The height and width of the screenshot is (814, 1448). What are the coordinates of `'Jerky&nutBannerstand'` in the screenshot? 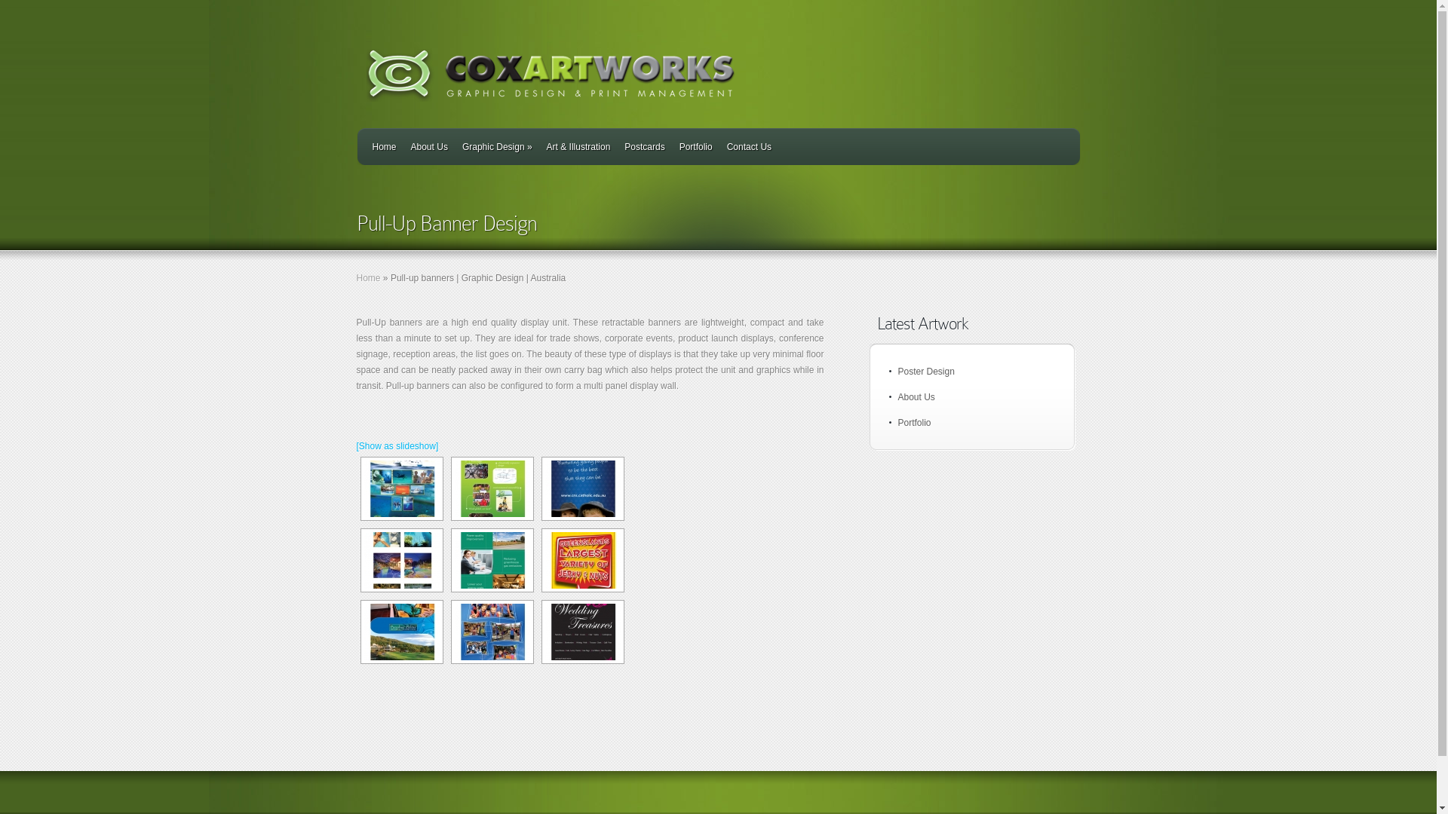 It's located at (581, 560).